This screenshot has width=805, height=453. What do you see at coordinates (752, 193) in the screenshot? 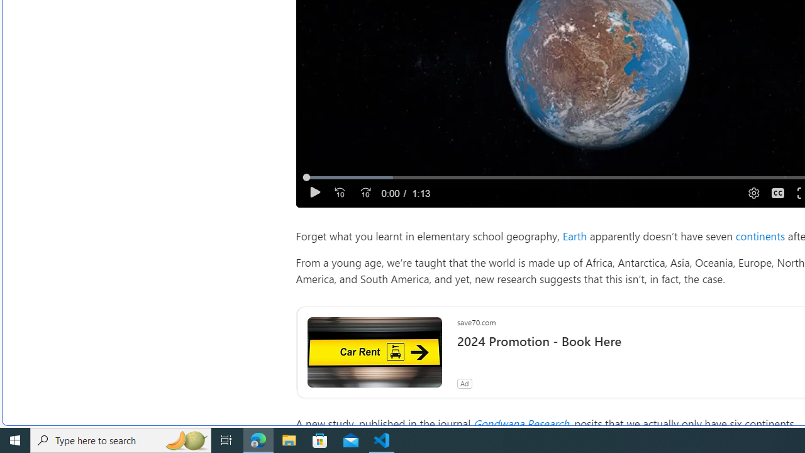
I see `'Quality Settings'` at bounding box center [752, 193].